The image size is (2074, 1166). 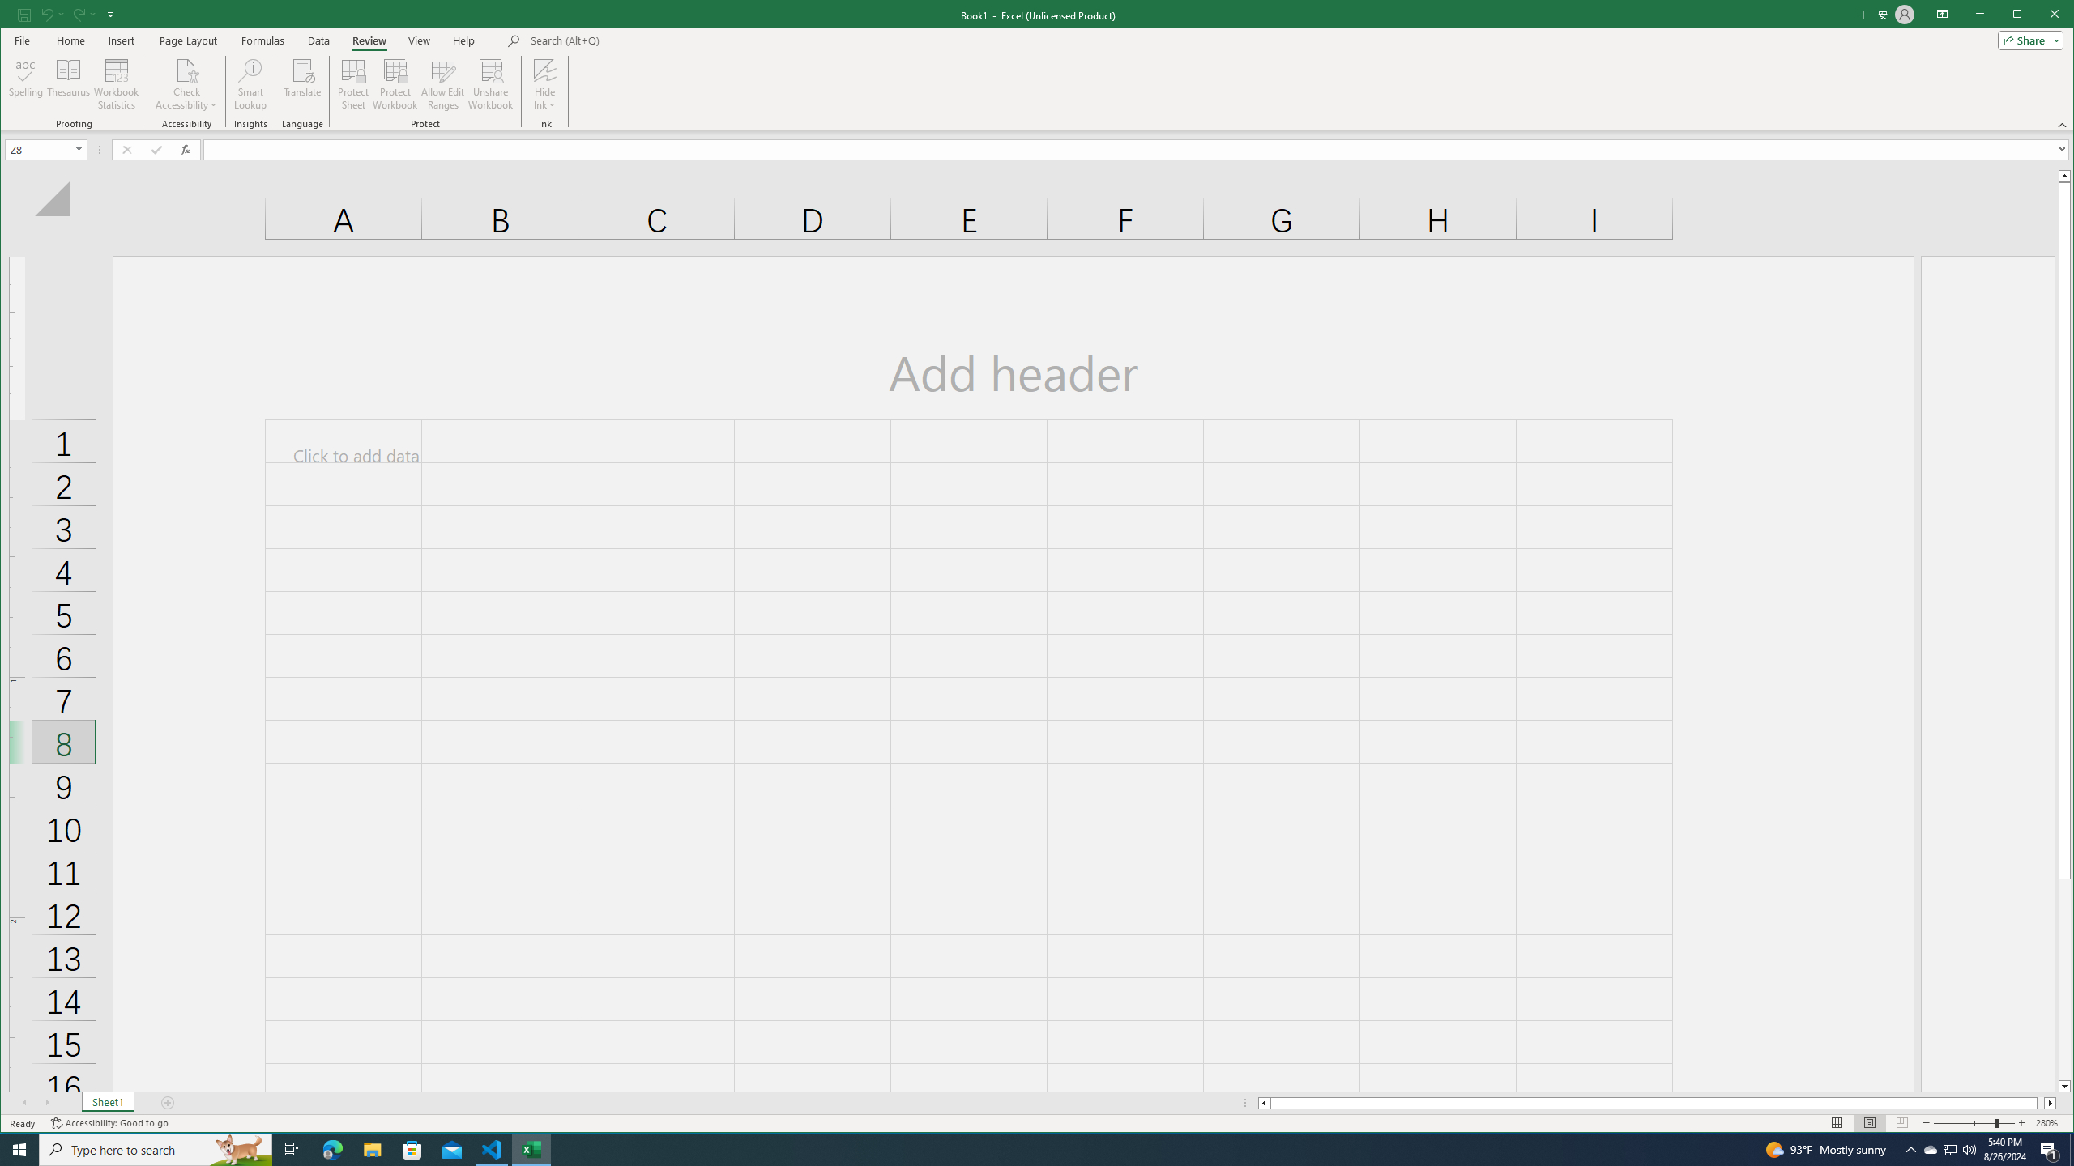 What do you see at coordinates (168, 1103) in the screenshot?
I see `'Add Sheet'` at bounding box center [168, 1103].